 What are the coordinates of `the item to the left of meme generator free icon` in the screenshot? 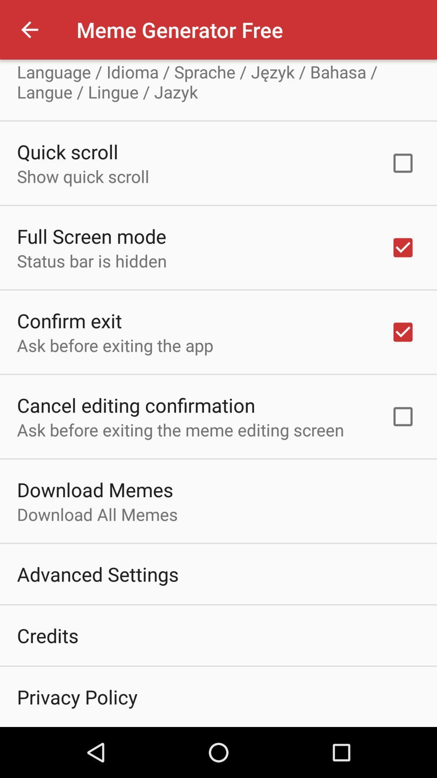 It's located at (29, 30).